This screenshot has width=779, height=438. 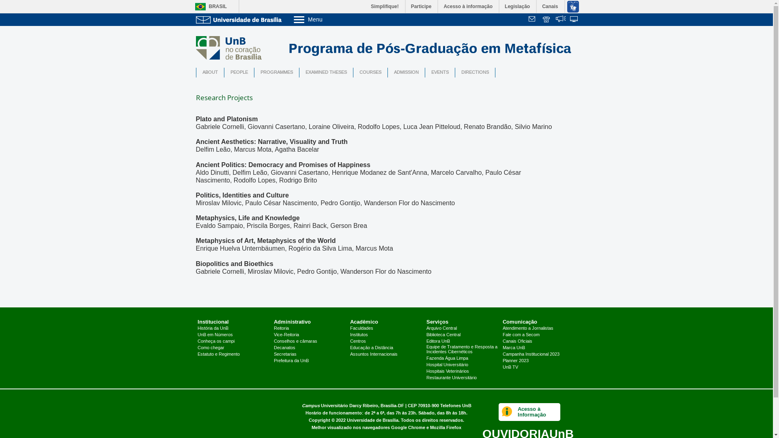 What do you see at coordinates (422, 6) in the screenshot?
I see `'Participe'` at bounding box center [422, 6].